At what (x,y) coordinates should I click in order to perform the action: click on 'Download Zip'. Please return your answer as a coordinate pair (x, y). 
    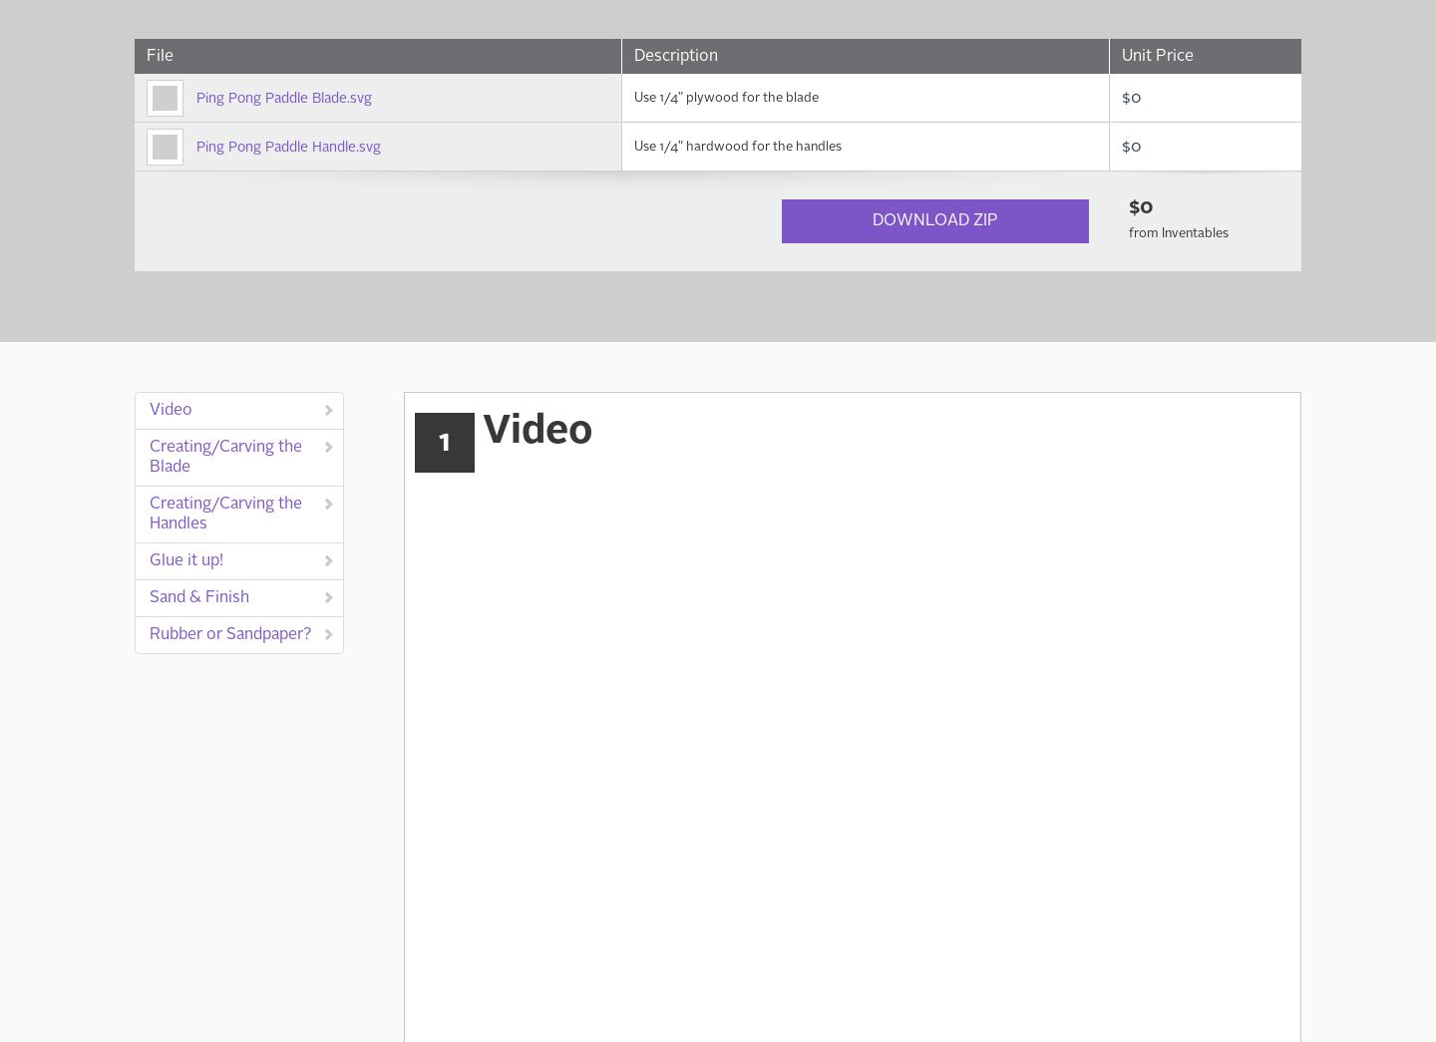
    Looking at the image, I should click on (871, 220).